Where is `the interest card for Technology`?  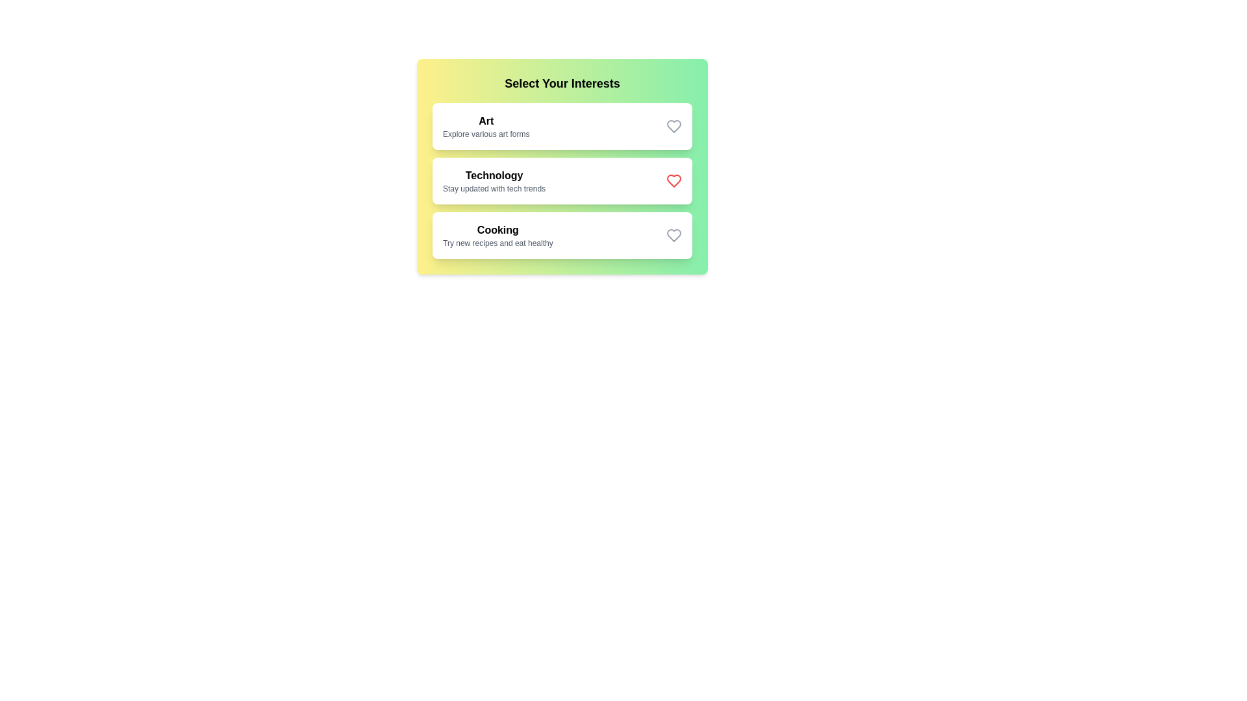 the interest card for Technology is located at coordinates (562, 180).